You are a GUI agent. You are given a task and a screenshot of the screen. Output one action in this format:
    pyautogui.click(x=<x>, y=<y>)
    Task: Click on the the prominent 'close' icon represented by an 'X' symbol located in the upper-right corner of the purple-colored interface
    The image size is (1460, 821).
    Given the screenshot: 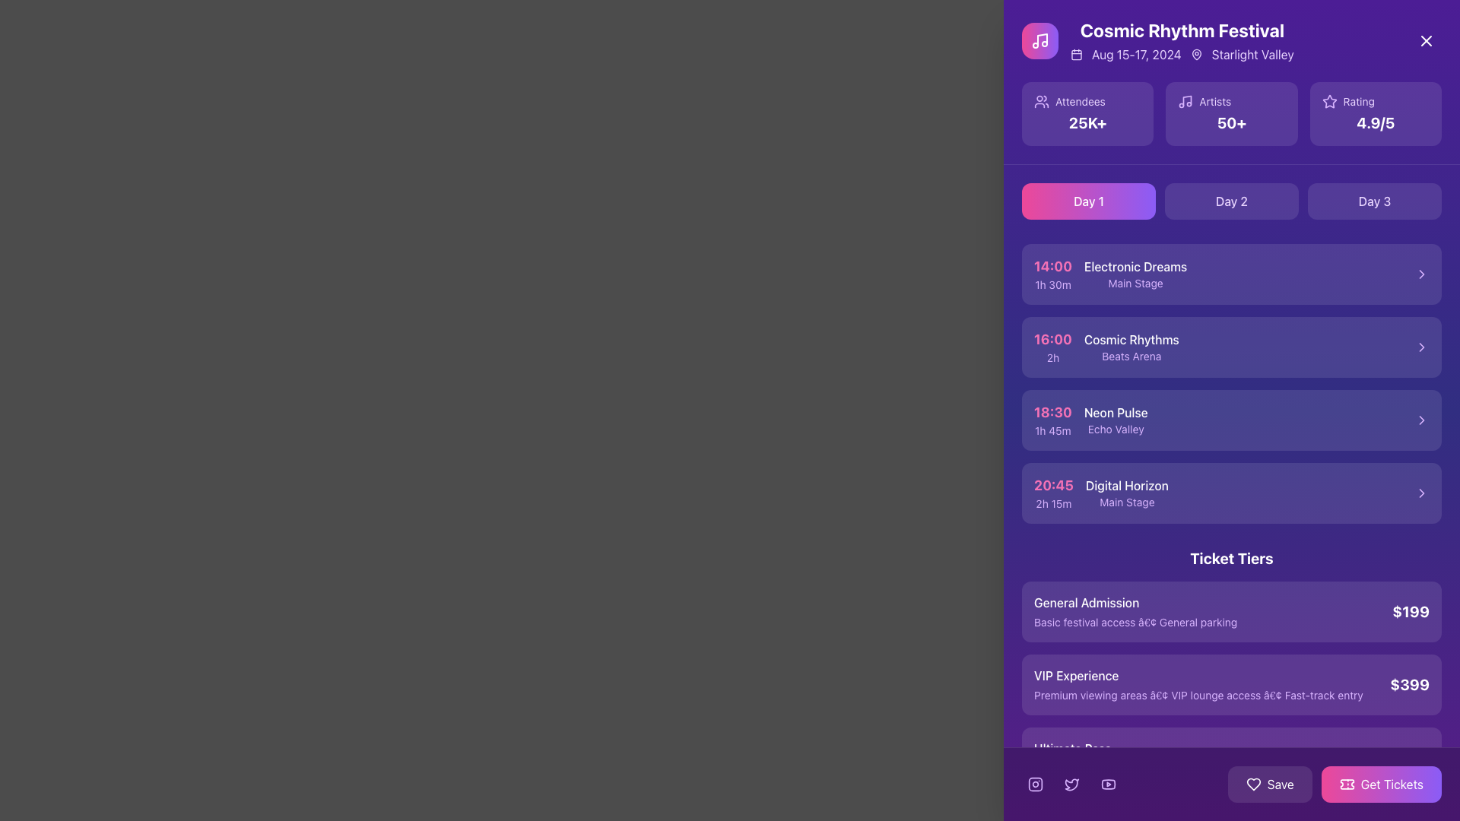 What is the action you would take?
    pyautogui.click(x=1426, y=40)
    